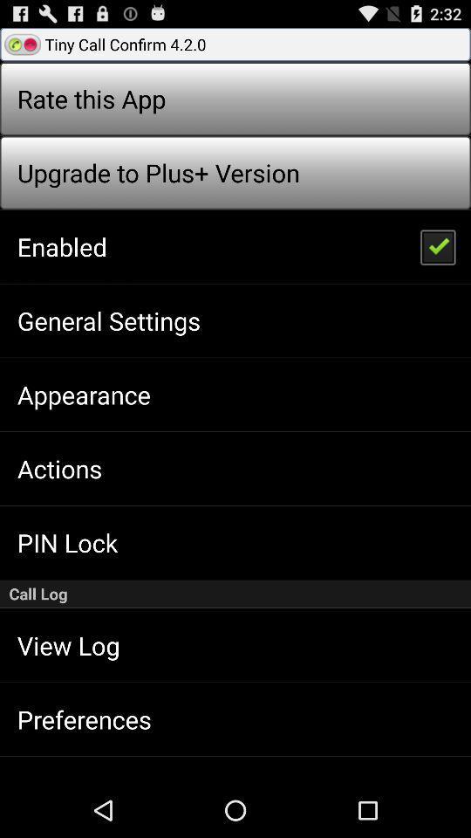 The height and width of the screenshot is (838, 471). Describe the element at coordinates (58, 467) in the screenshot. I see `the actions` at that location.